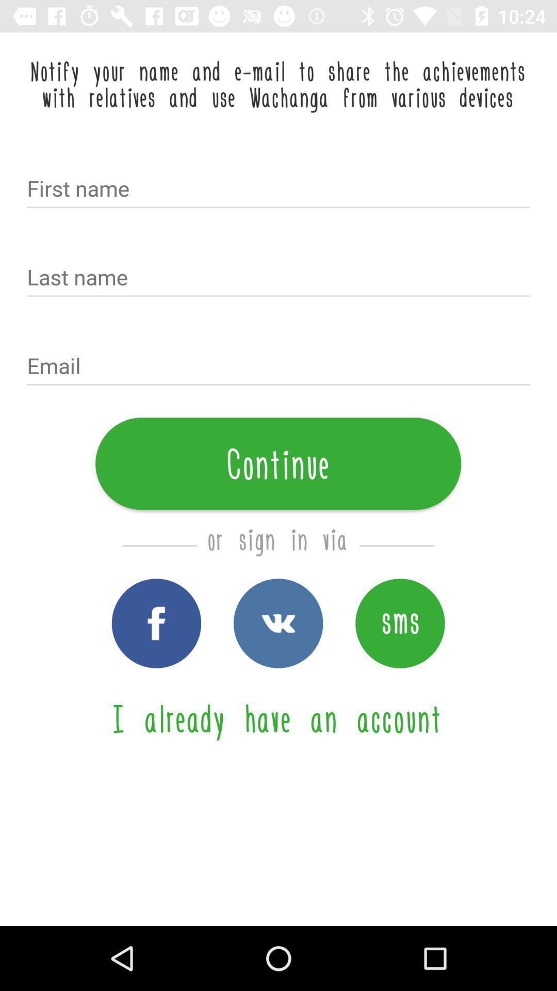 The height and width of the screenshot is (991, 557). Describe the element at coordinates (278, 367) in the screenshot. I see `email address` at that location.